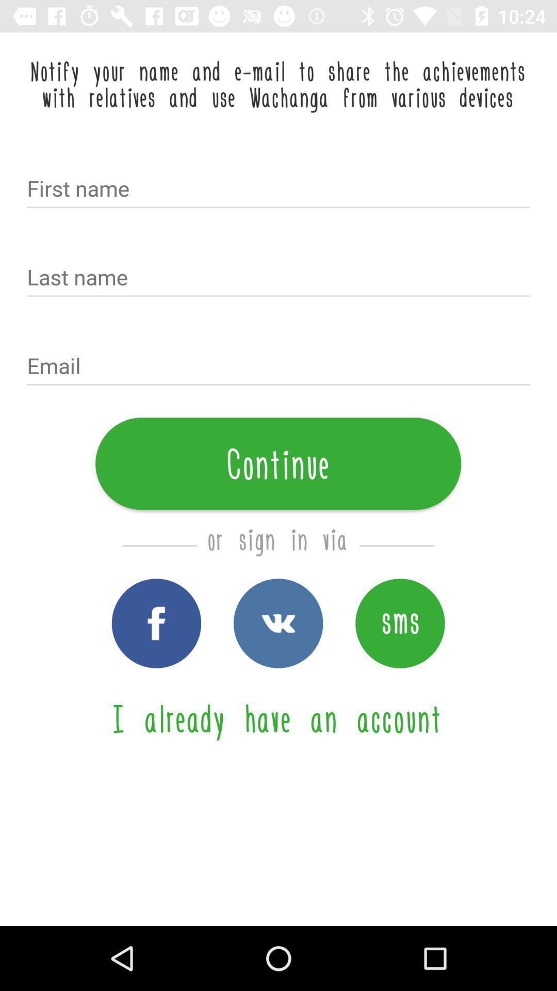 The height and width of the screenshot is (991, 557). Describe the element at coordinates (278, 367) in the screenshot. I see `email address` at that location.